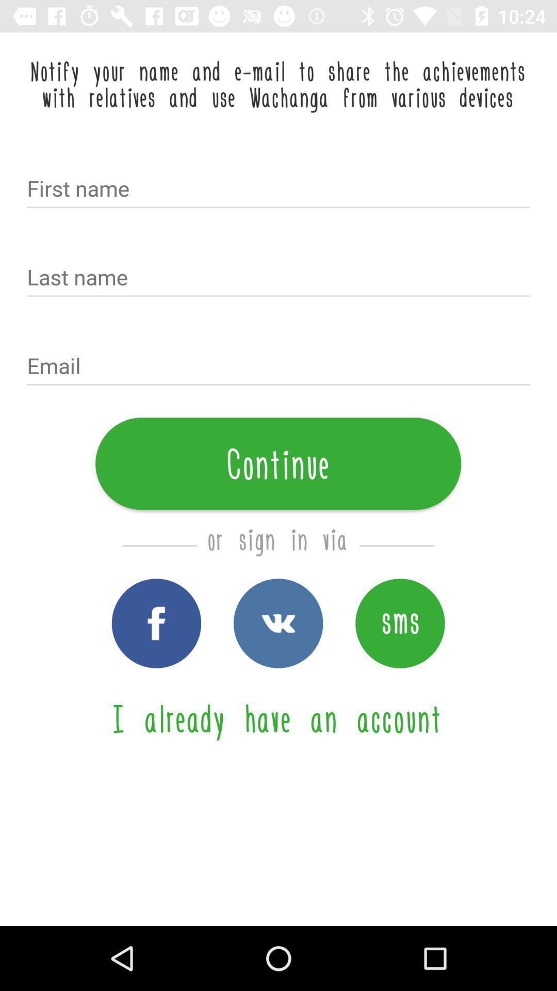 The height and width of the screenshot is (991, 557). Describe the element at coordinates (278, 367) in the screenshot. I see `email address` at that location.